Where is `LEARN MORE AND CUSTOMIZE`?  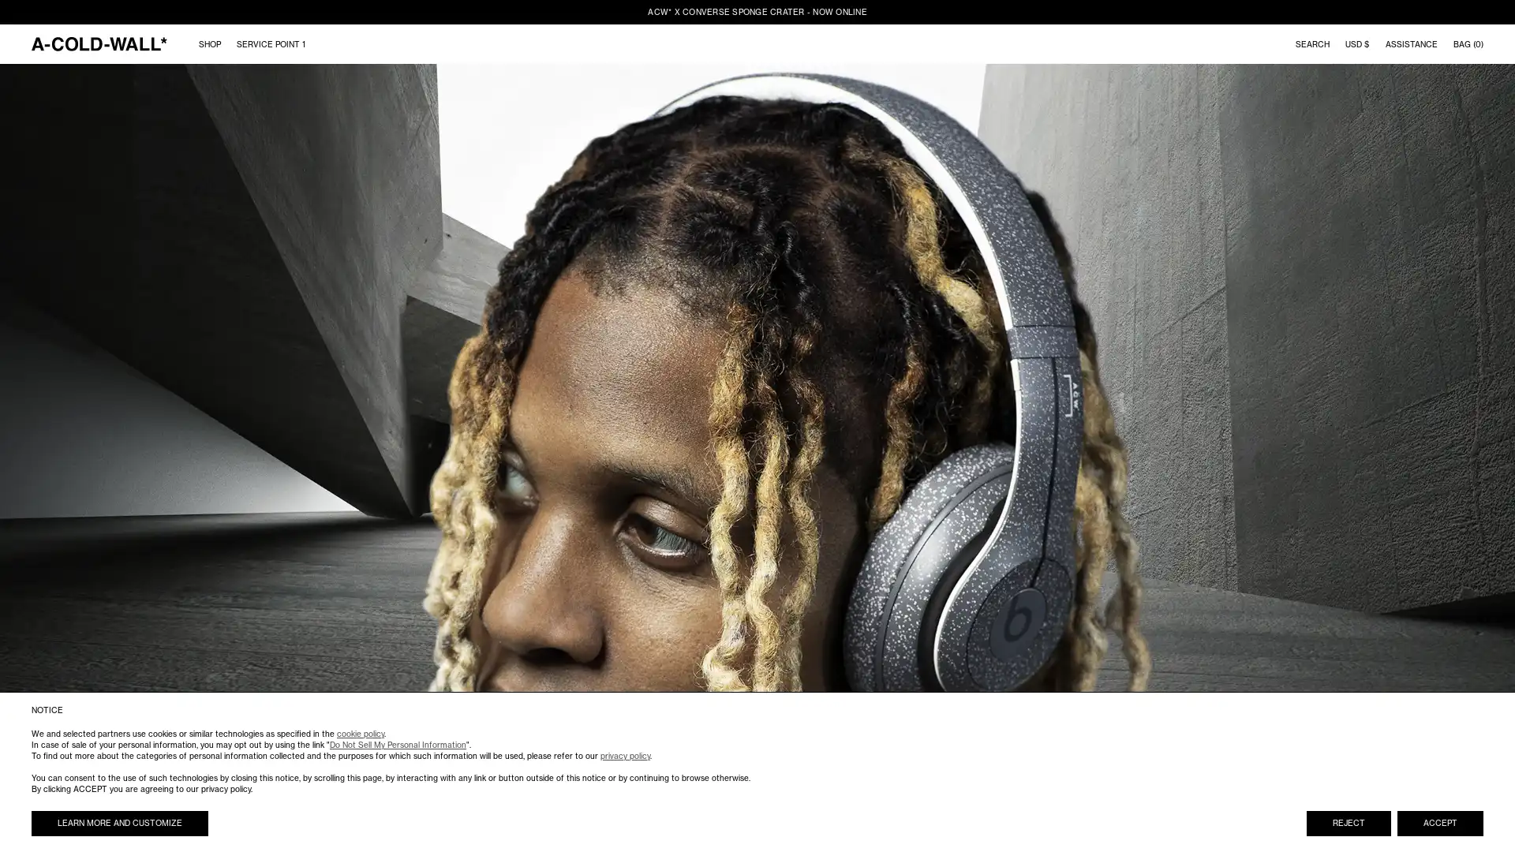 LEARN MORE AND CUSTOMIZE is located at coordinates (119, 823).